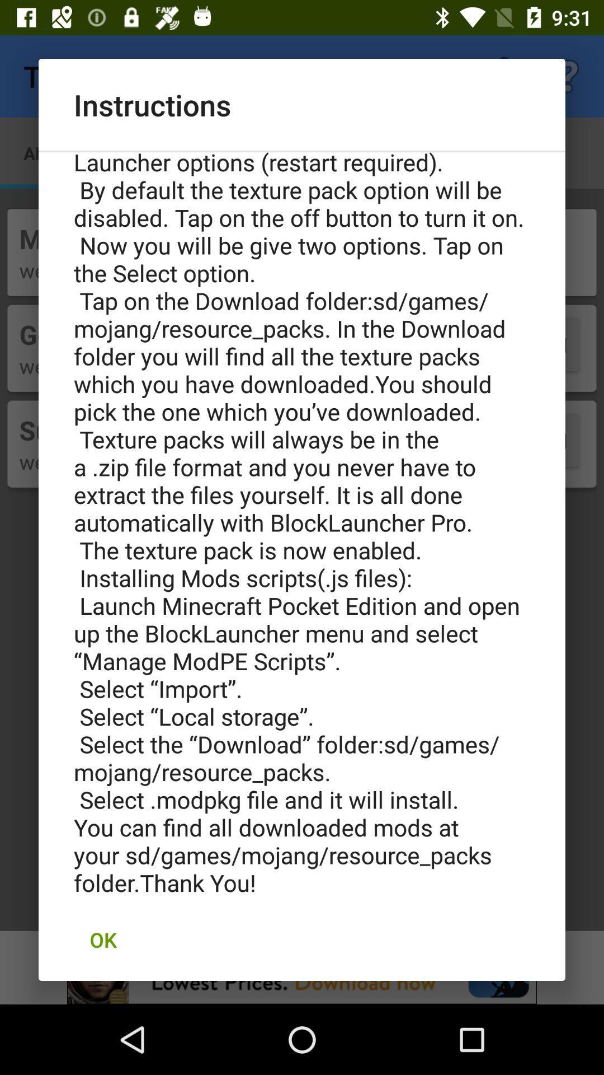  Describe the element at coordinates (103, 940) in the screenshot. I see `ok at the bottom left corner` at that location.